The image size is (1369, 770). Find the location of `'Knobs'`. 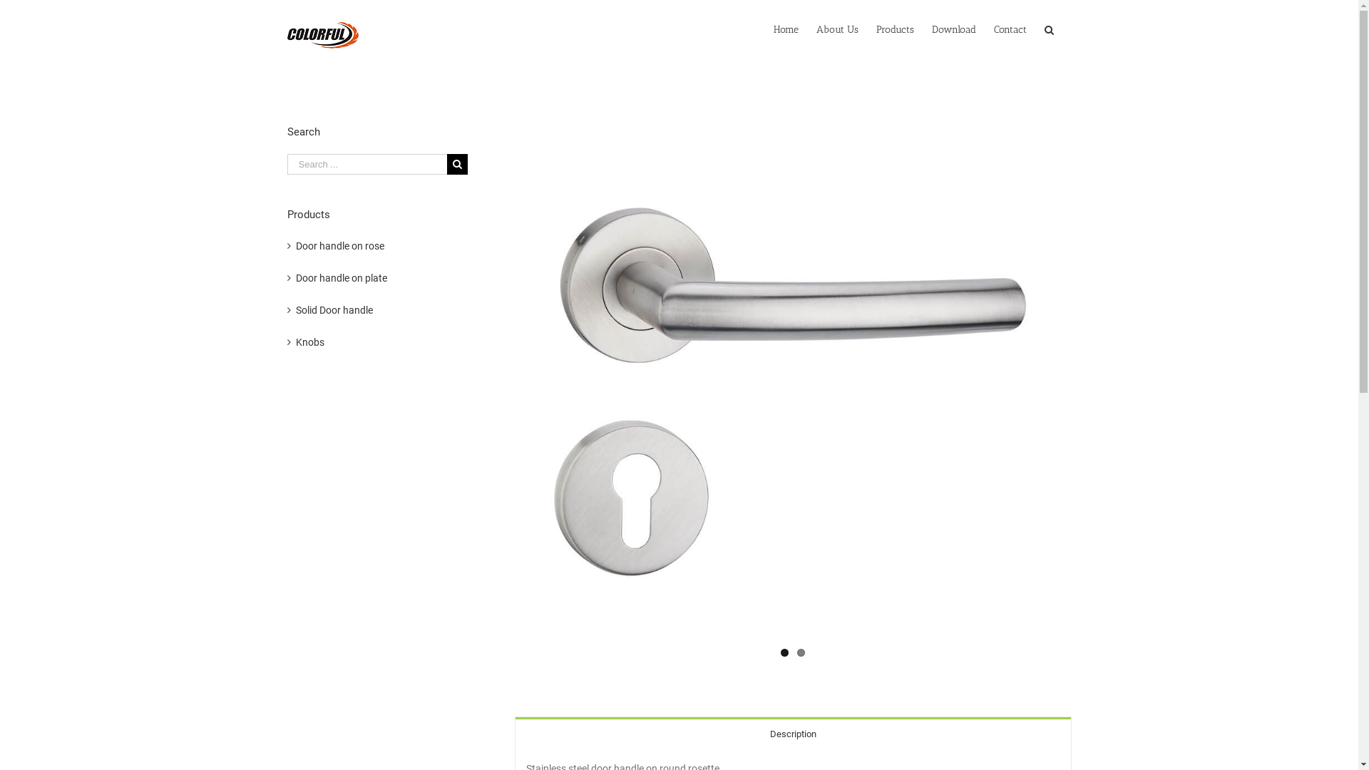

'Knobs' is located at coordinates (308, 342).